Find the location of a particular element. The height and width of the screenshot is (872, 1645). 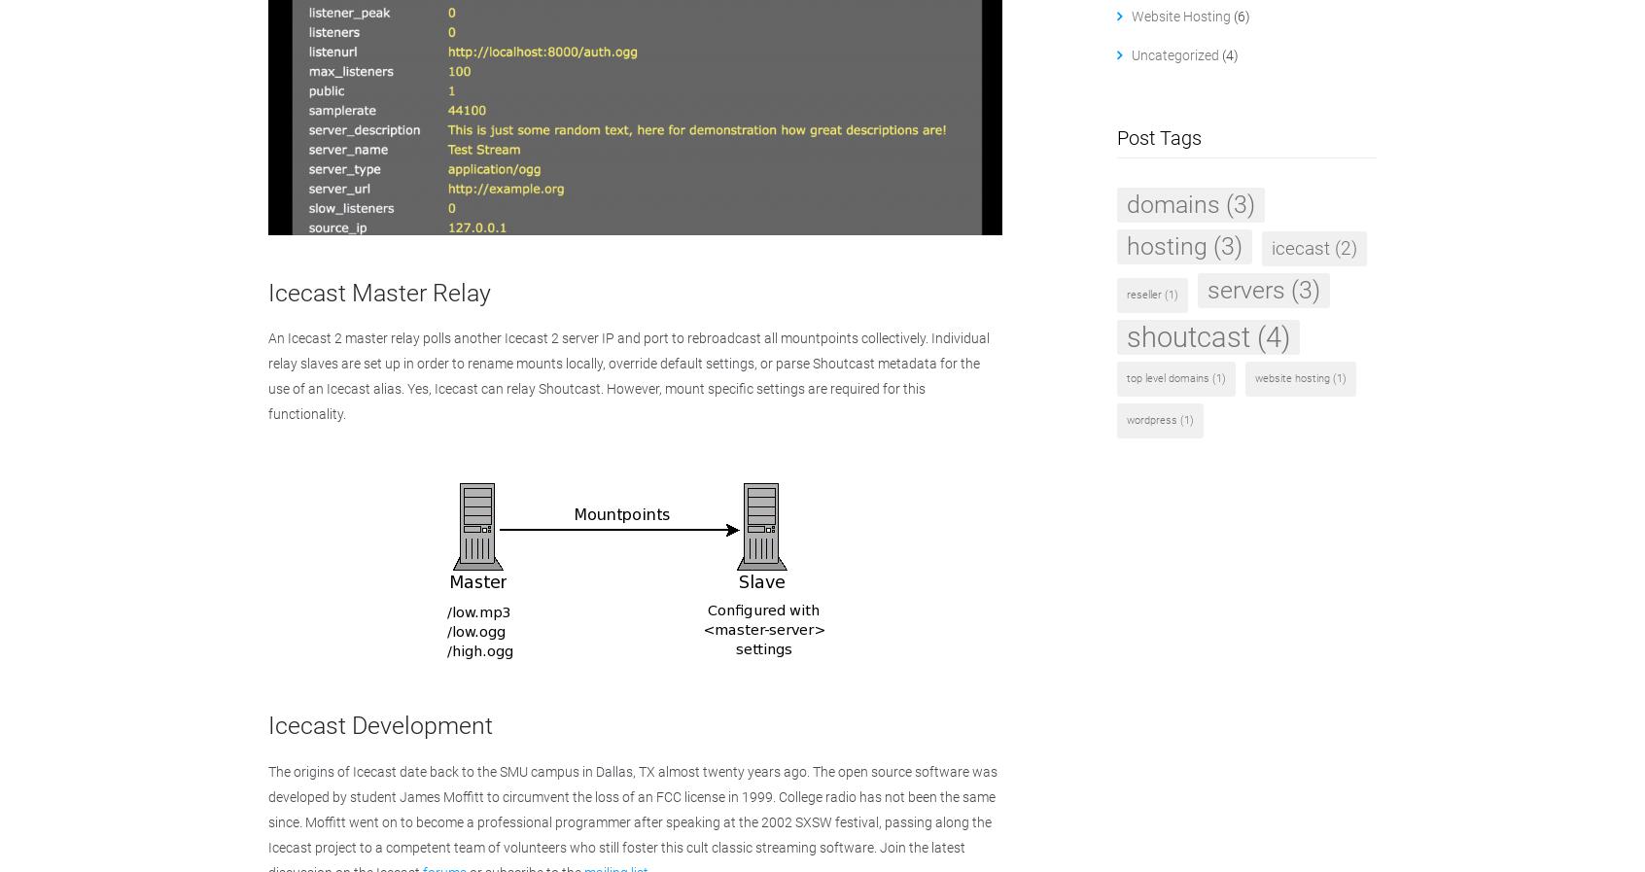

'Uncategorized' is located at coordinates (1173, 53).